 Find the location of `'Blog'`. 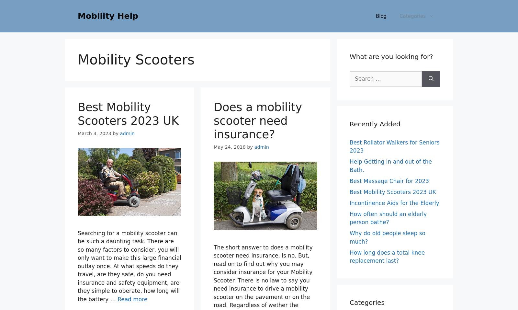

'Blog' is located at coordinates (381, 16).